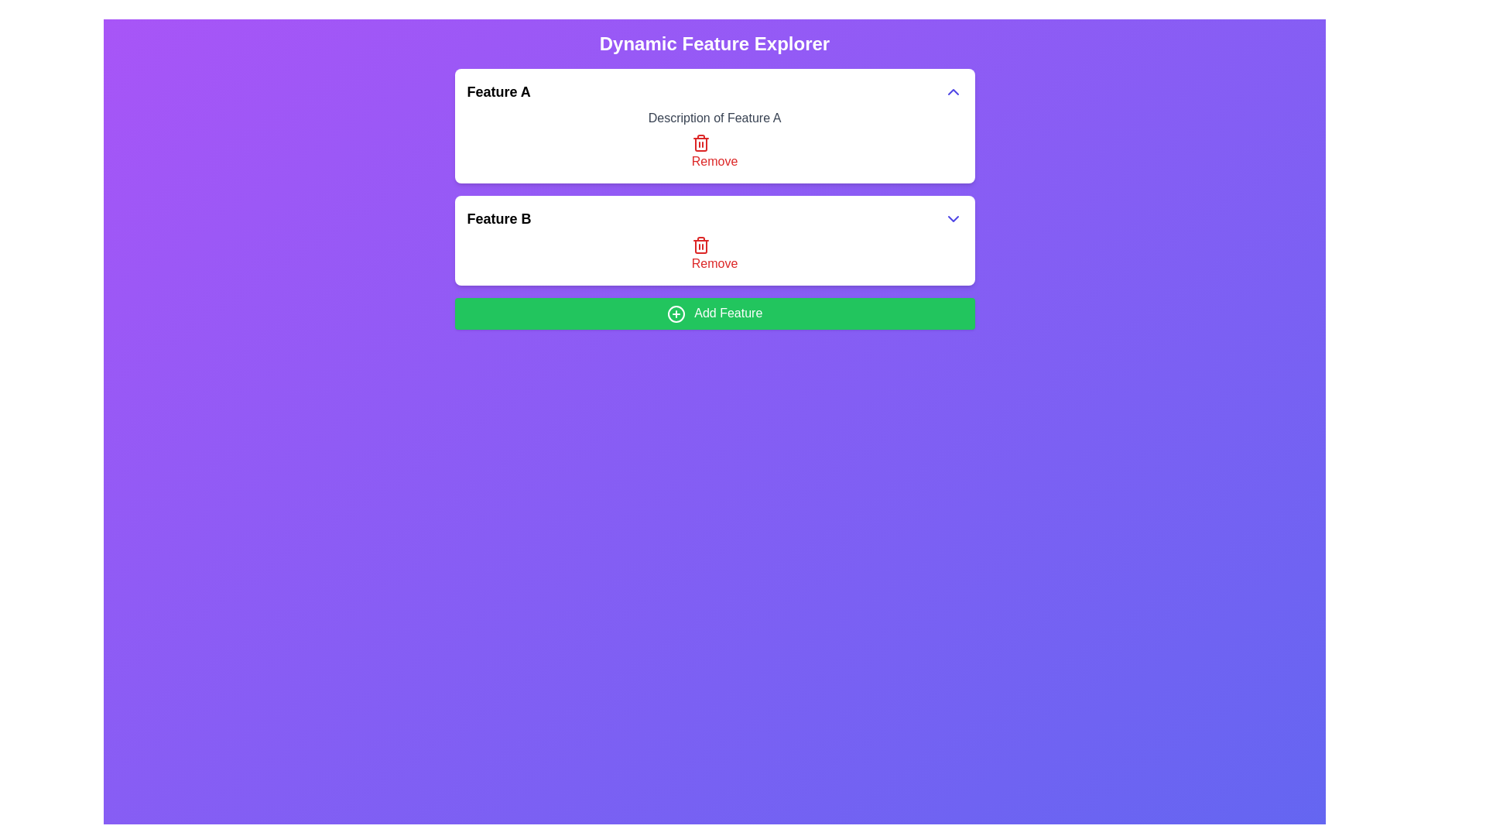 The height and width of the screenshot is (836, 1486). What do you see at coordinates (952, 218) in the screenshot?
I see `the downward-facing chevron icon in the top-right corner of the 'Feature B' section` at bounding box center [952, 218].